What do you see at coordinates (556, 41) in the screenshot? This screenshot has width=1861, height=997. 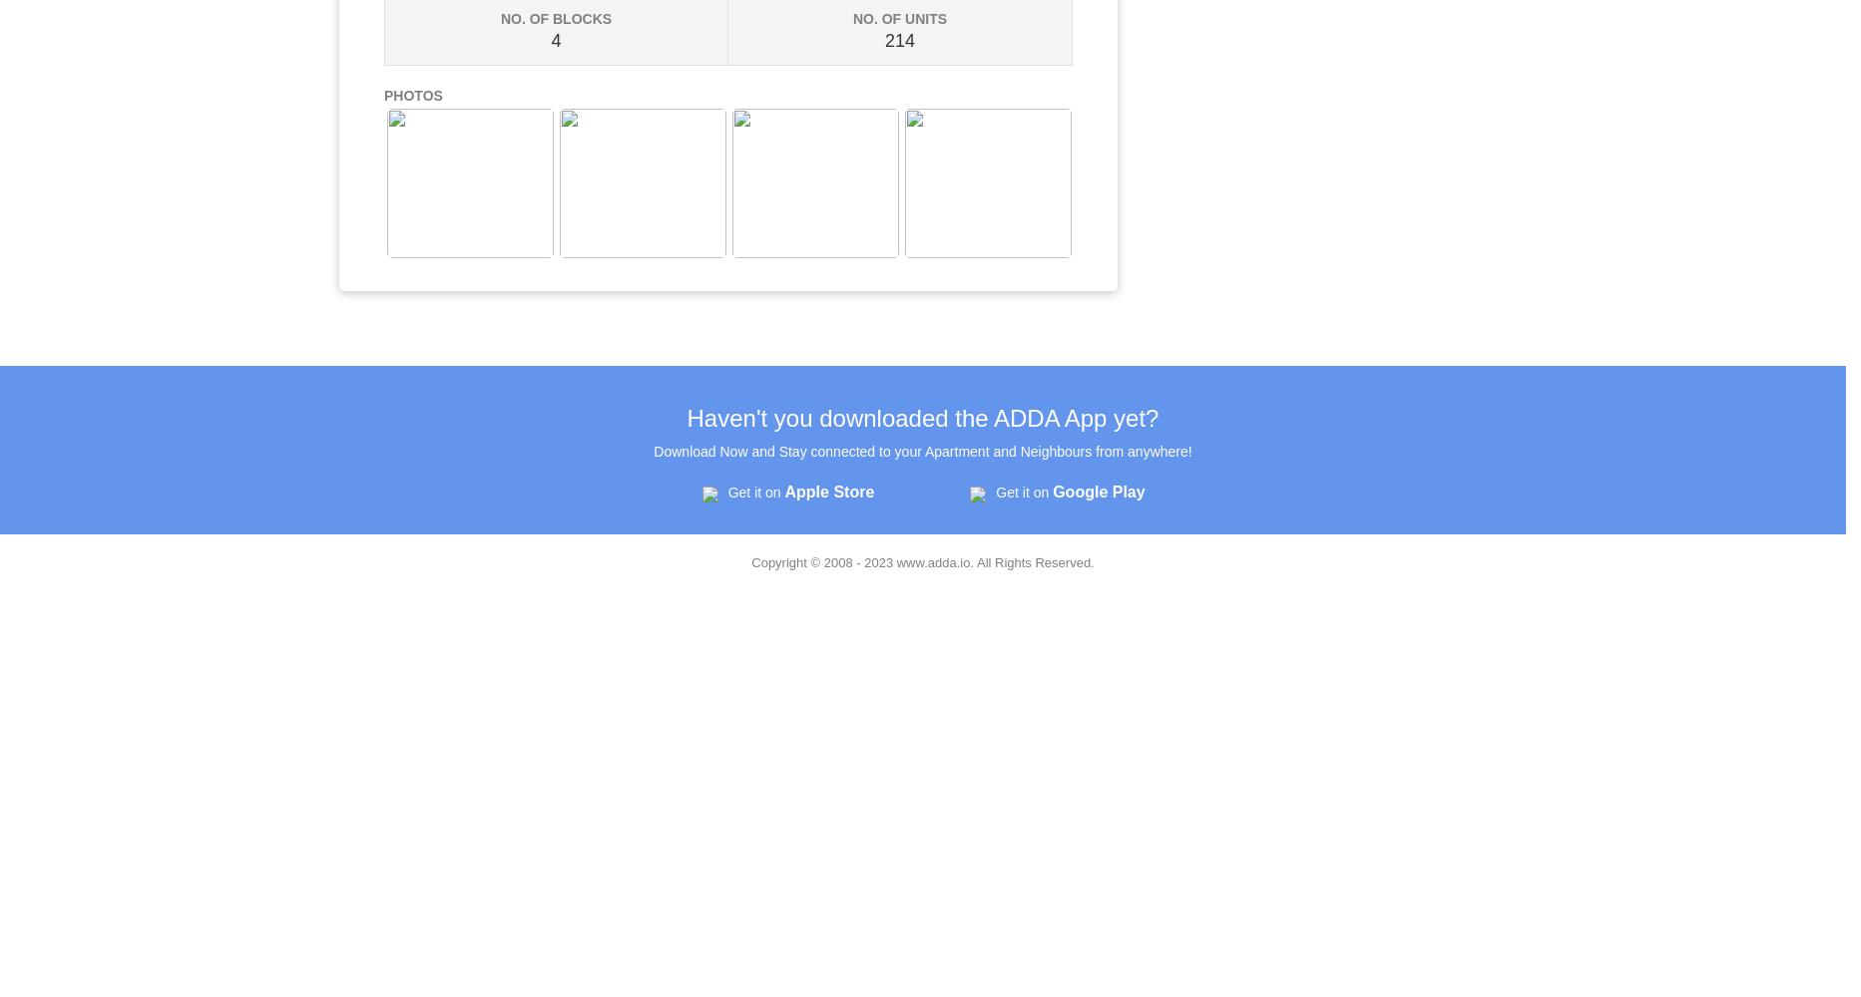 I see `'4'` at bounding box center [556, 41].